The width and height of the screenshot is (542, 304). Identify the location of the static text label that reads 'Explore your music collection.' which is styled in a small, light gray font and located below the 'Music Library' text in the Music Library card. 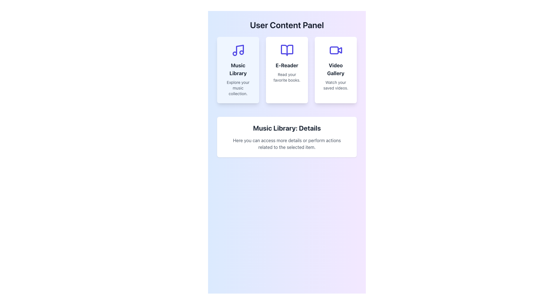
(238, 88).